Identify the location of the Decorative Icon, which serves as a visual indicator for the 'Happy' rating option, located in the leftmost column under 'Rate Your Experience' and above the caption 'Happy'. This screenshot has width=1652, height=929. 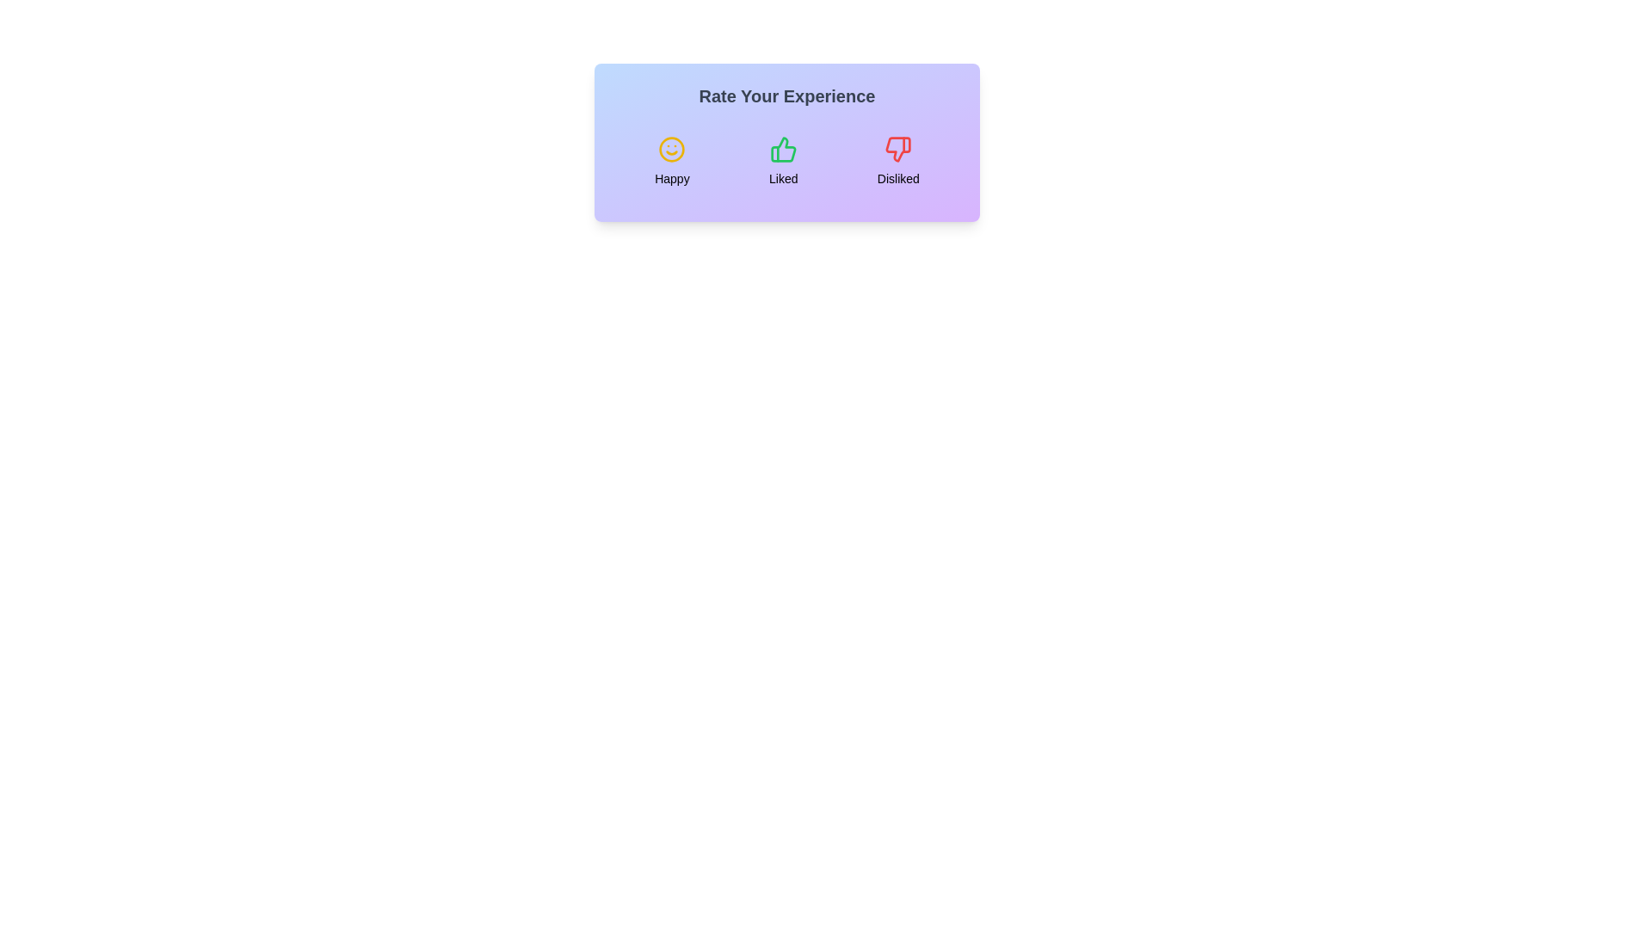
(671, 148).